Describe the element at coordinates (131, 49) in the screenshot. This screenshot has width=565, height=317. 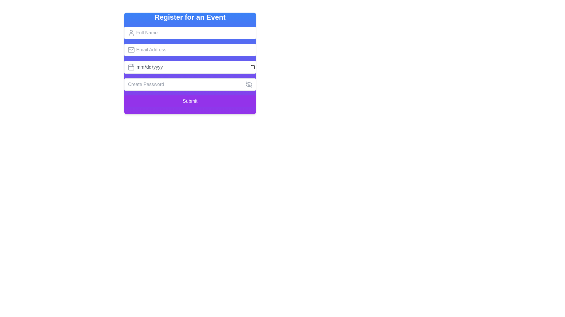
I see `the upper rectangle of the envelope-shaped icon located next to the 'Email Address' input field, which is a non-interactive decorative vector graphic` at that location.